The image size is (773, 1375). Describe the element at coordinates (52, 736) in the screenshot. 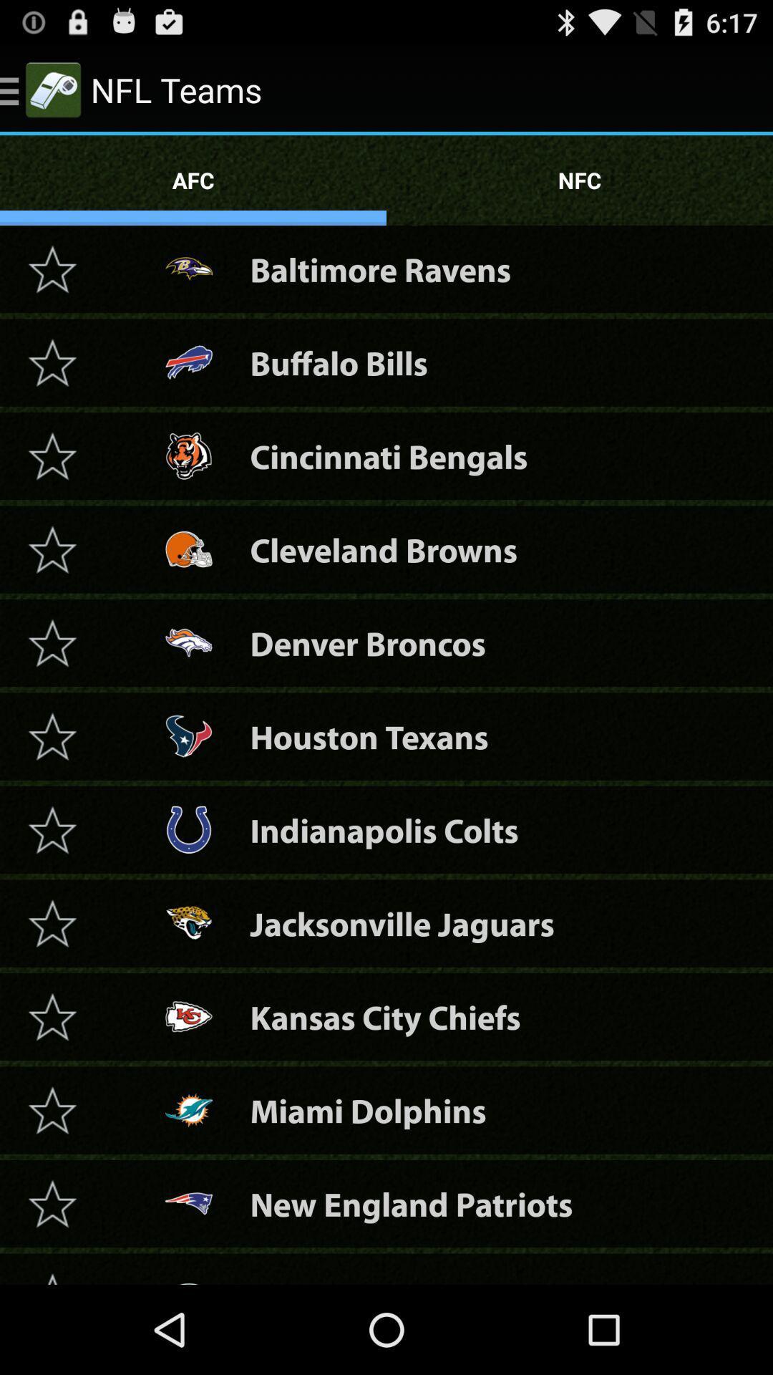

I see `mark as favorite` at that location.